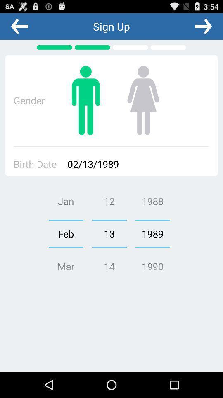 The width and height of the screenshot is (223, 398). Describe the element at coordinates (142, 100) in the screenshot. I see `option to click if your gender is female` at that location.